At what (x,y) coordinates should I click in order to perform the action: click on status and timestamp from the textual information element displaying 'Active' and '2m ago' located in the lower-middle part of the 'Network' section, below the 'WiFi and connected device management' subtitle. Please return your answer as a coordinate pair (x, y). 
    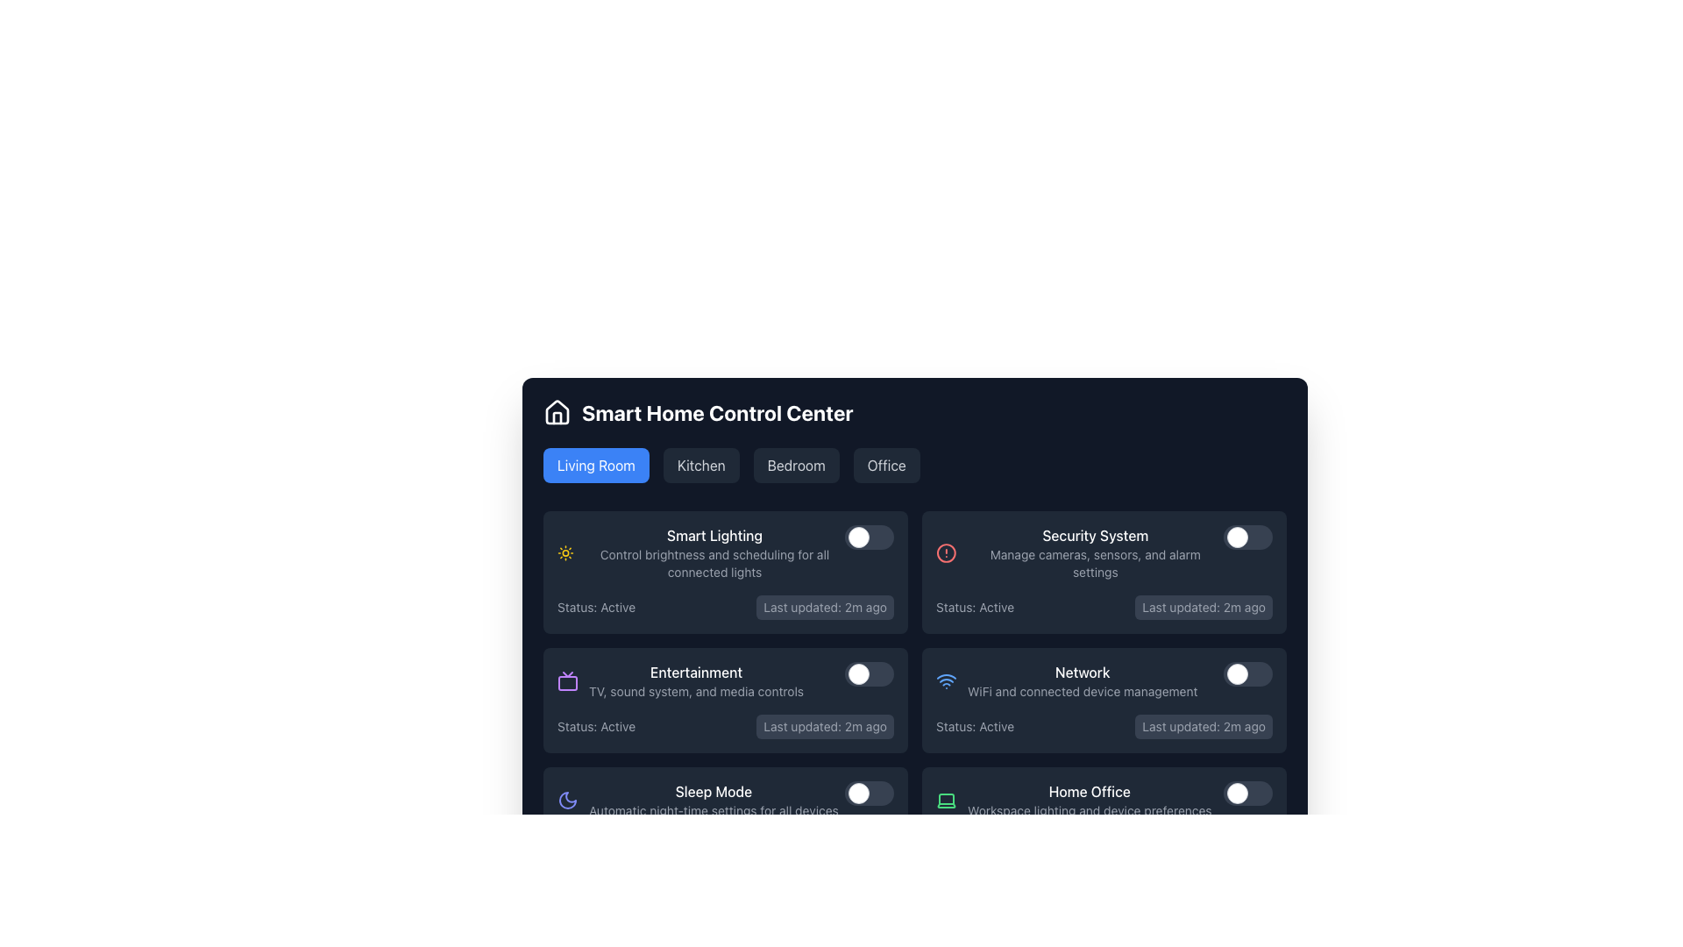
    Looking at the image, I should click on (1103, 727).